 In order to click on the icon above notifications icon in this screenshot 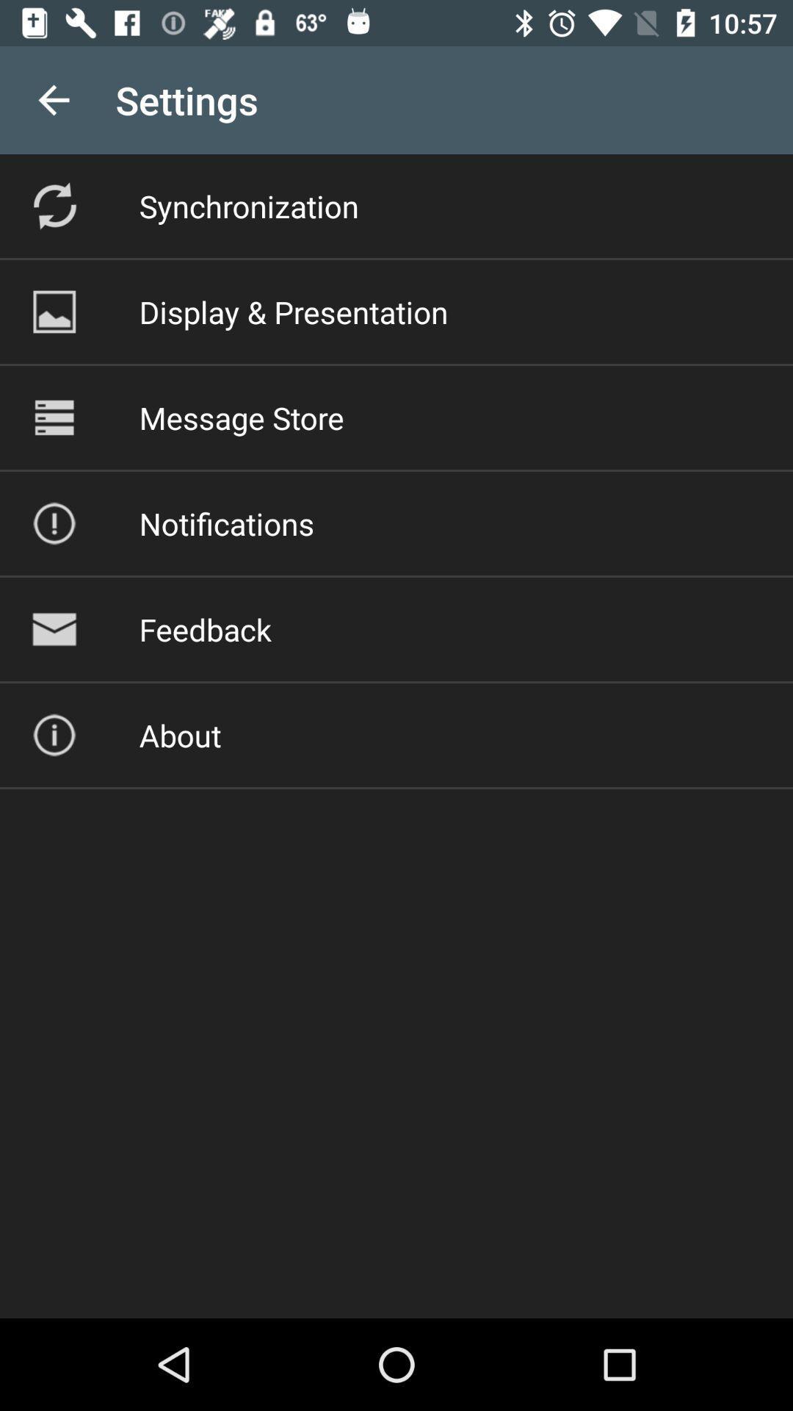, I will do `click(241, 417)`.